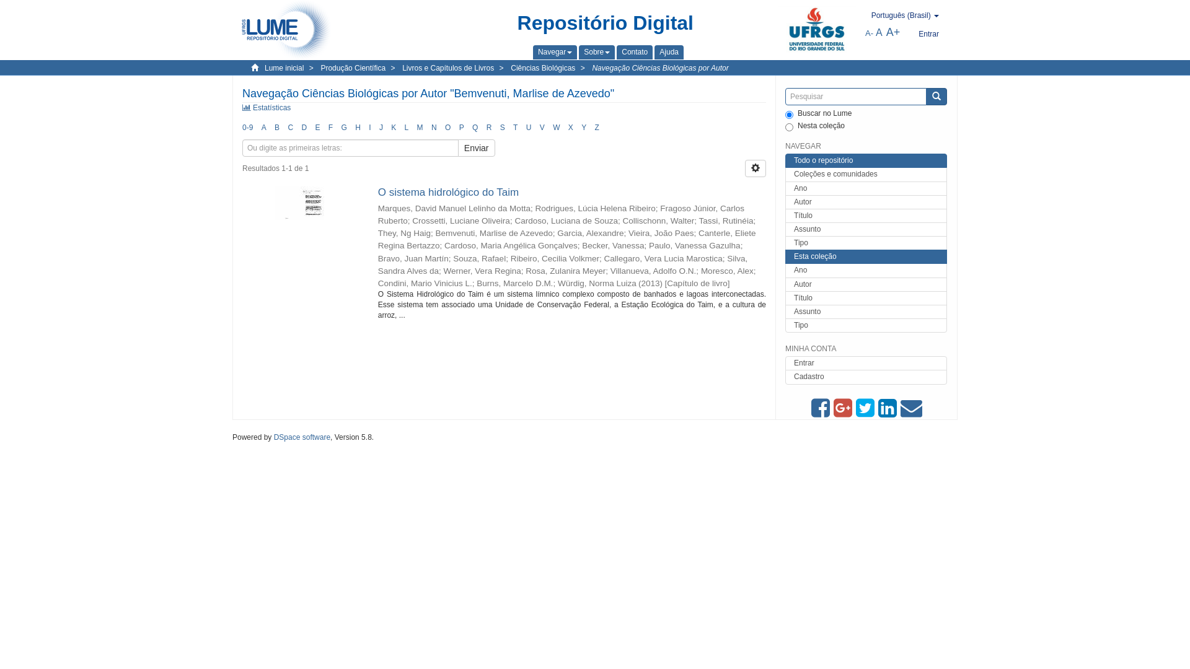 This screenshot has height=669, width=1190. I want to click on 'Assunto', so click(865, 229).